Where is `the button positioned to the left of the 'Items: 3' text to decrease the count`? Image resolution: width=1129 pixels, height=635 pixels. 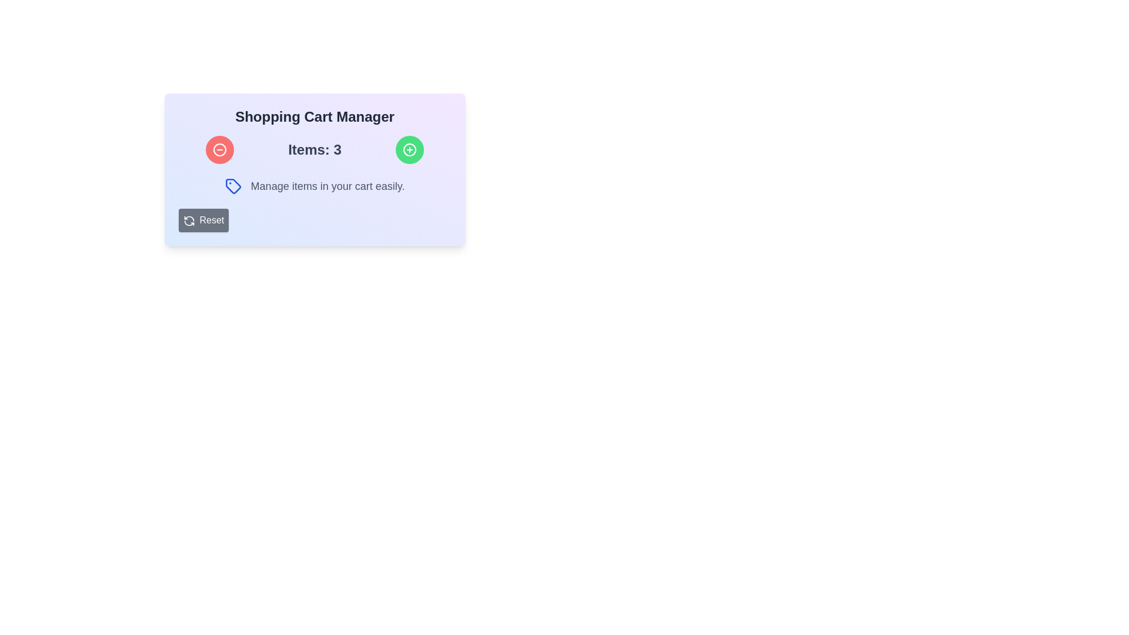 the button positioned to the left of the 'Items: 3' text to decrease the count is located at coordinates (219, 149).